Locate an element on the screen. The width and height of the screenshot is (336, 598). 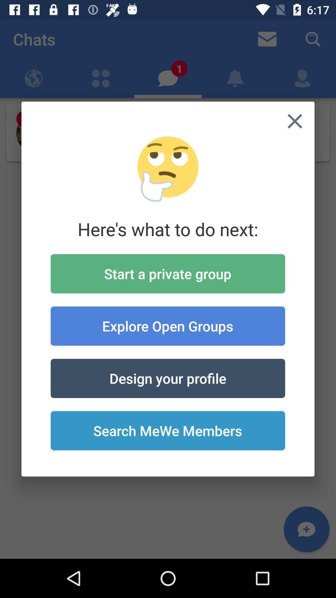
the icon above the search mewe members item is located at coordinates (167, 378).